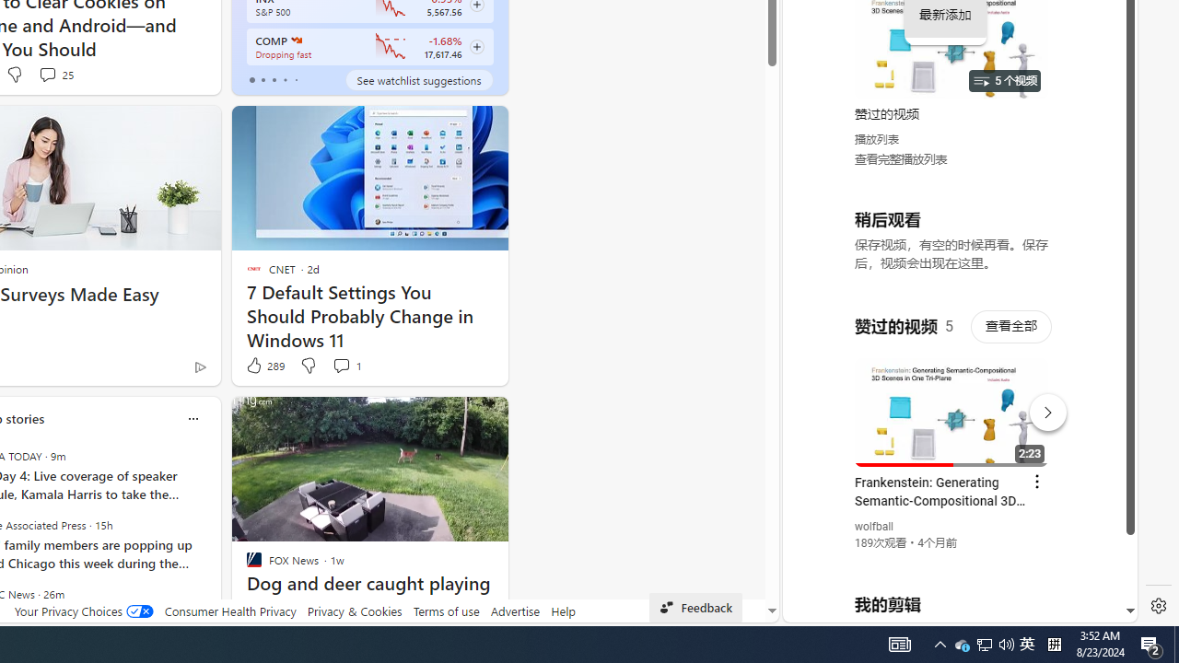  Describe the element at coordinates (418, 79) in the screenshot. I see `'See watchlist suggestions'` at that location.